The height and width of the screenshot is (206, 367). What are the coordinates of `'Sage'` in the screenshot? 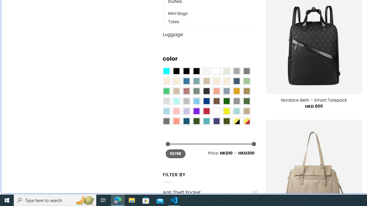 It's located at (196, 91).